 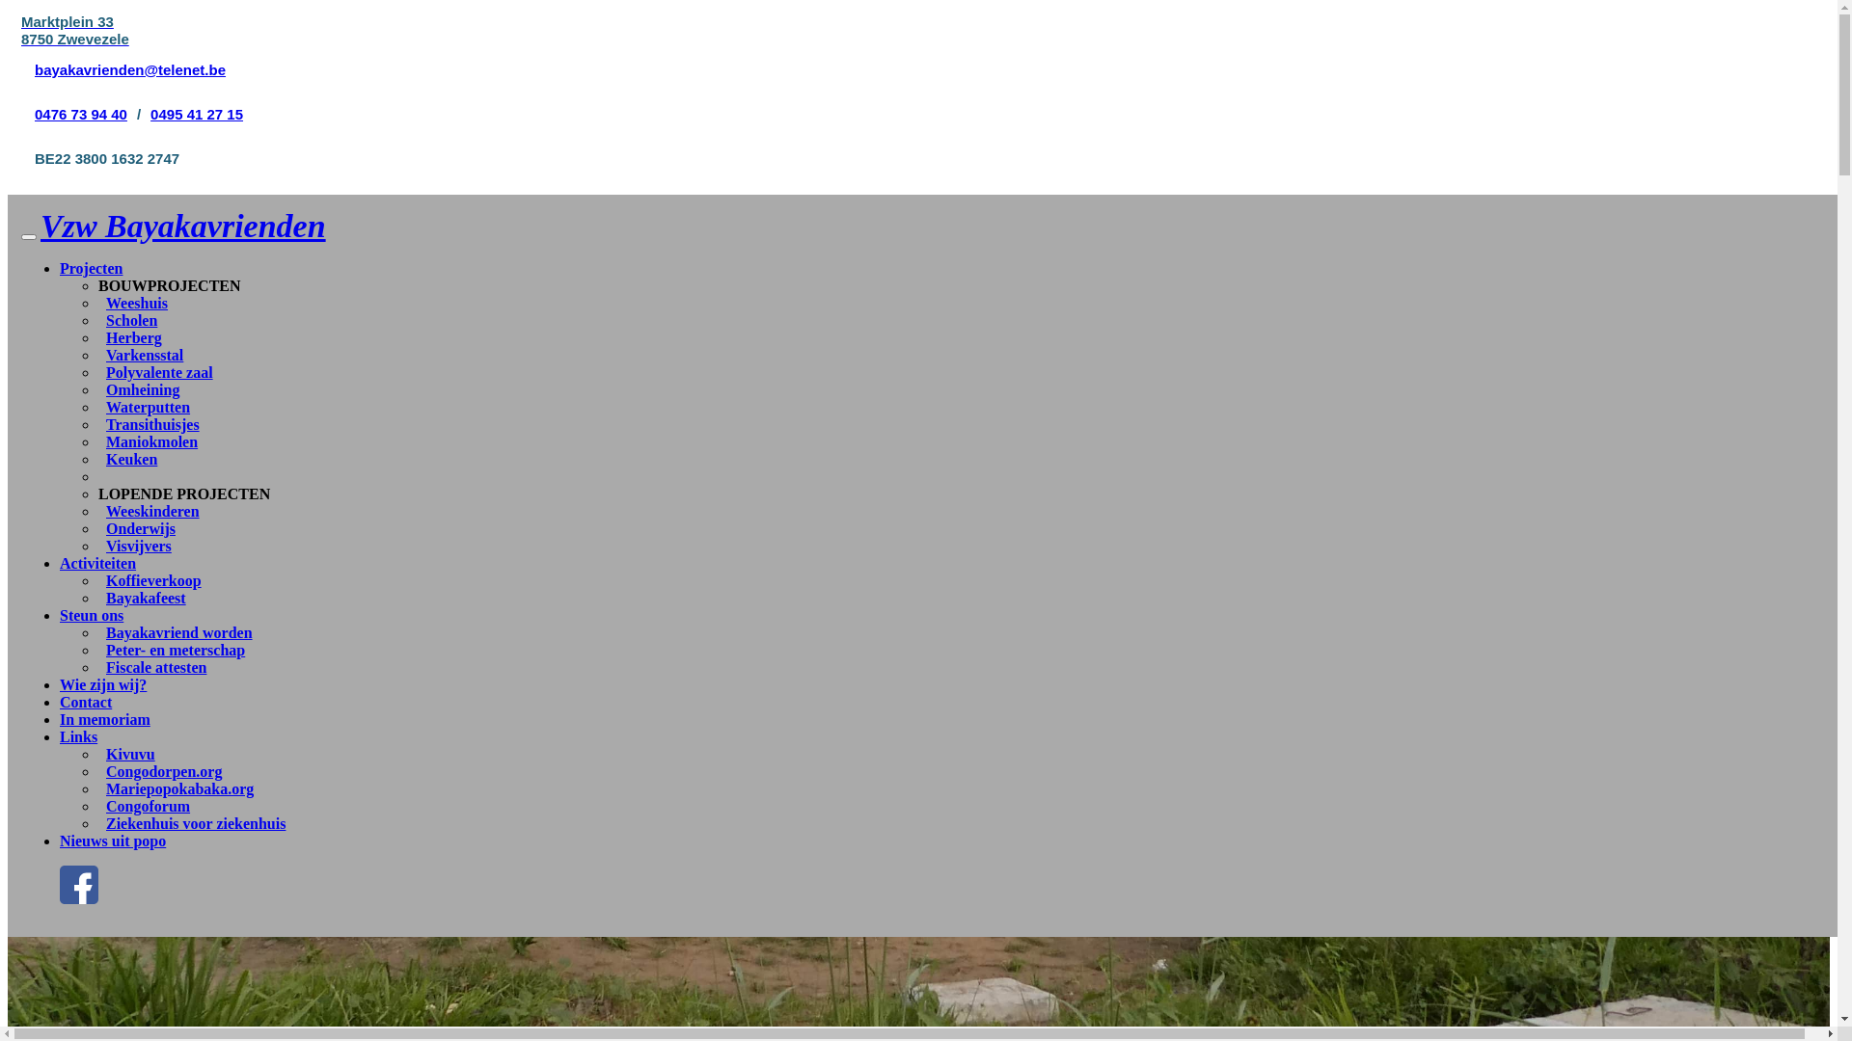 I want to click on '0495 41 27 15', so click(x=150, y=114).